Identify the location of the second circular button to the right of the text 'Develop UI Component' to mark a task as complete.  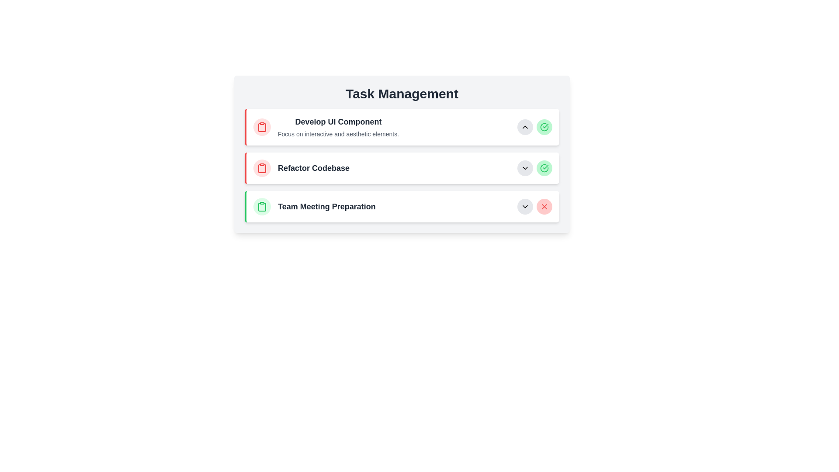
(544, 127).